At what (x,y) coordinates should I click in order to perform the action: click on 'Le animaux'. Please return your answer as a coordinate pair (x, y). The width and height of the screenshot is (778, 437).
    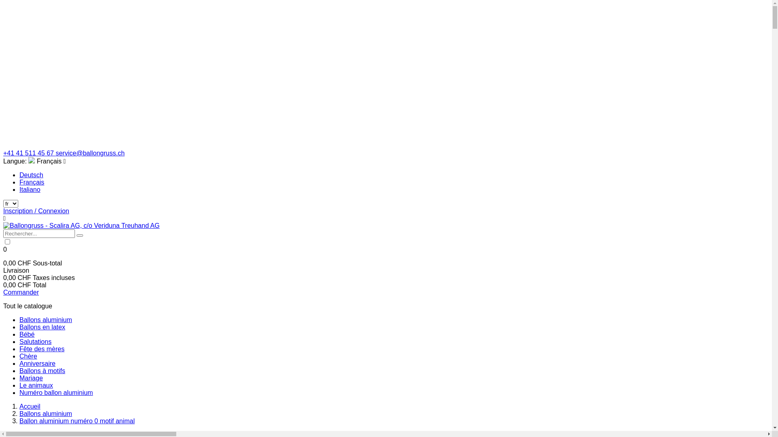
    Looking at the image, I should click on (36, 385).